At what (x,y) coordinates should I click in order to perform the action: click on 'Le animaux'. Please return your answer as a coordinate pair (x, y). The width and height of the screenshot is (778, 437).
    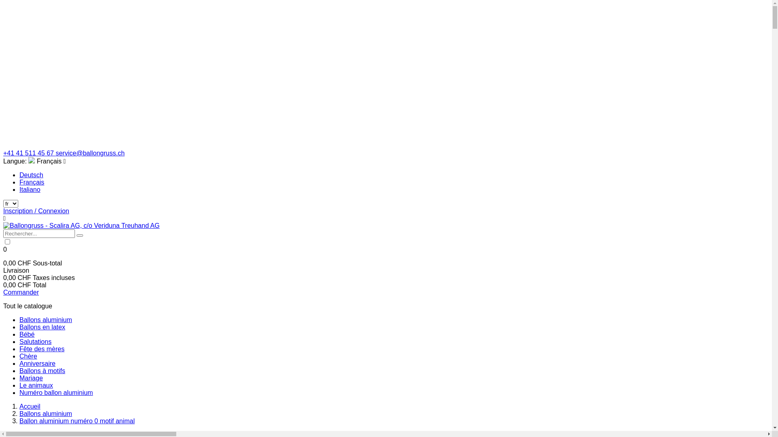
    Looking at the image, I should click on (36, 385).